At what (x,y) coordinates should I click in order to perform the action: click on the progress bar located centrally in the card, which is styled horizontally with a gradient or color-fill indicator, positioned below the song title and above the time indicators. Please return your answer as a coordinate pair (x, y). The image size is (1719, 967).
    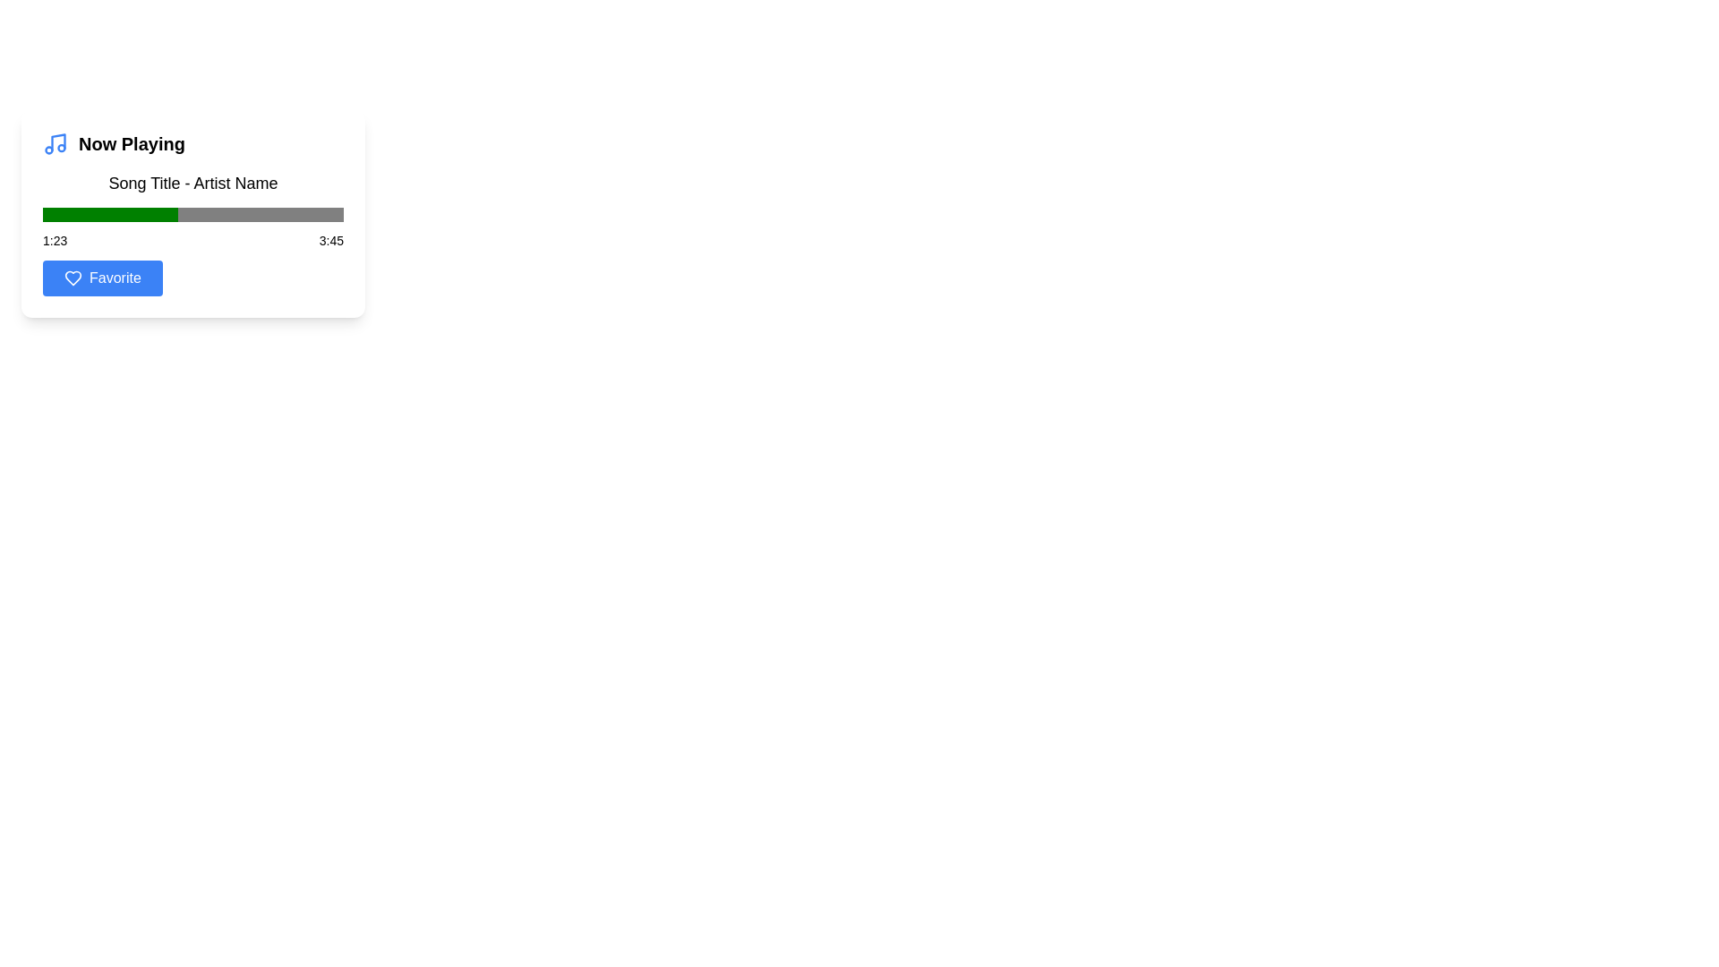
    Looking at the image, I should click on (193, 213).